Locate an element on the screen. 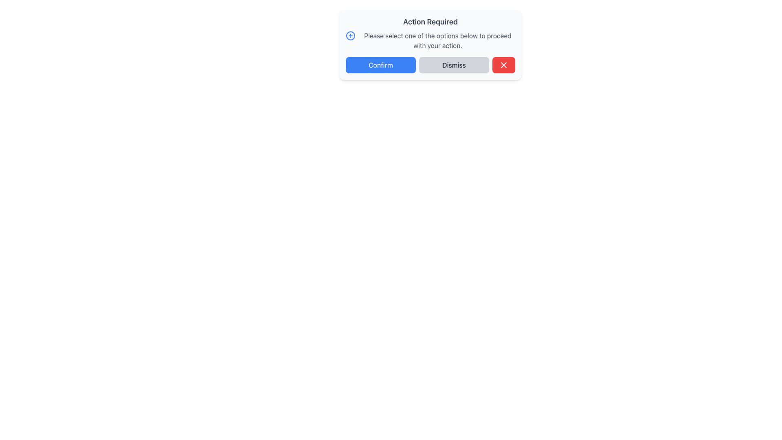  the blue and white circular icon with a plus symbol, which is located to the left of the text 'Please select one of the options below to proceed with your action.' is located at coordinates (350, 35).